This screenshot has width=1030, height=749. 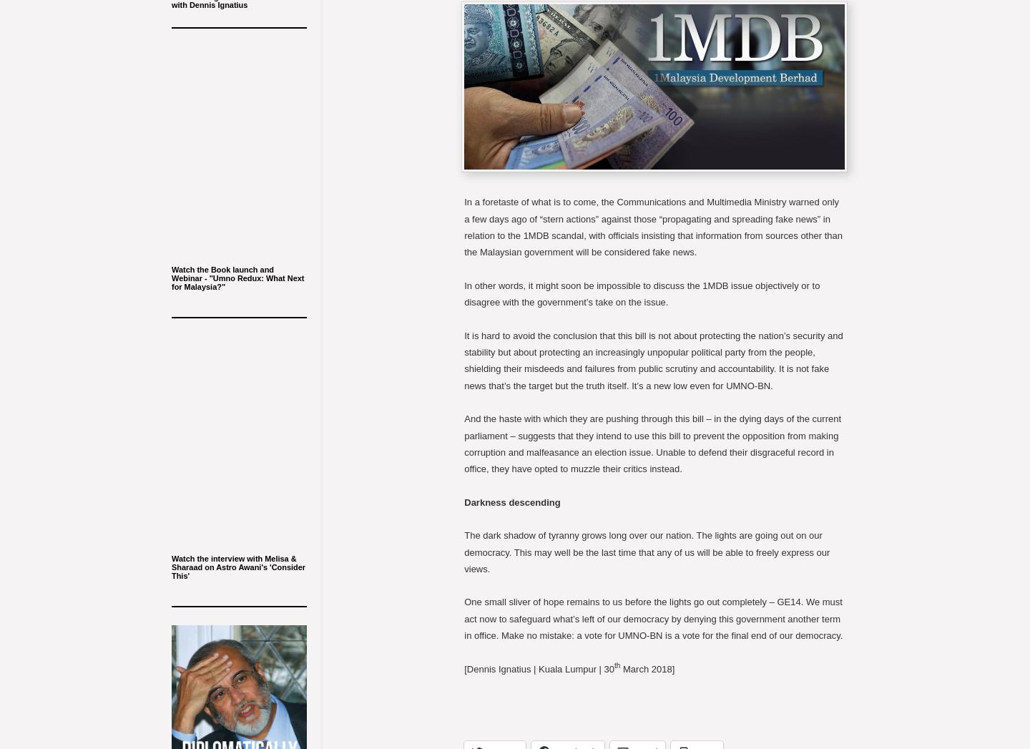 What do you see at coordinates (613, 665) in the screenshot?
I see `'th'` at bounding box center [613, 665].